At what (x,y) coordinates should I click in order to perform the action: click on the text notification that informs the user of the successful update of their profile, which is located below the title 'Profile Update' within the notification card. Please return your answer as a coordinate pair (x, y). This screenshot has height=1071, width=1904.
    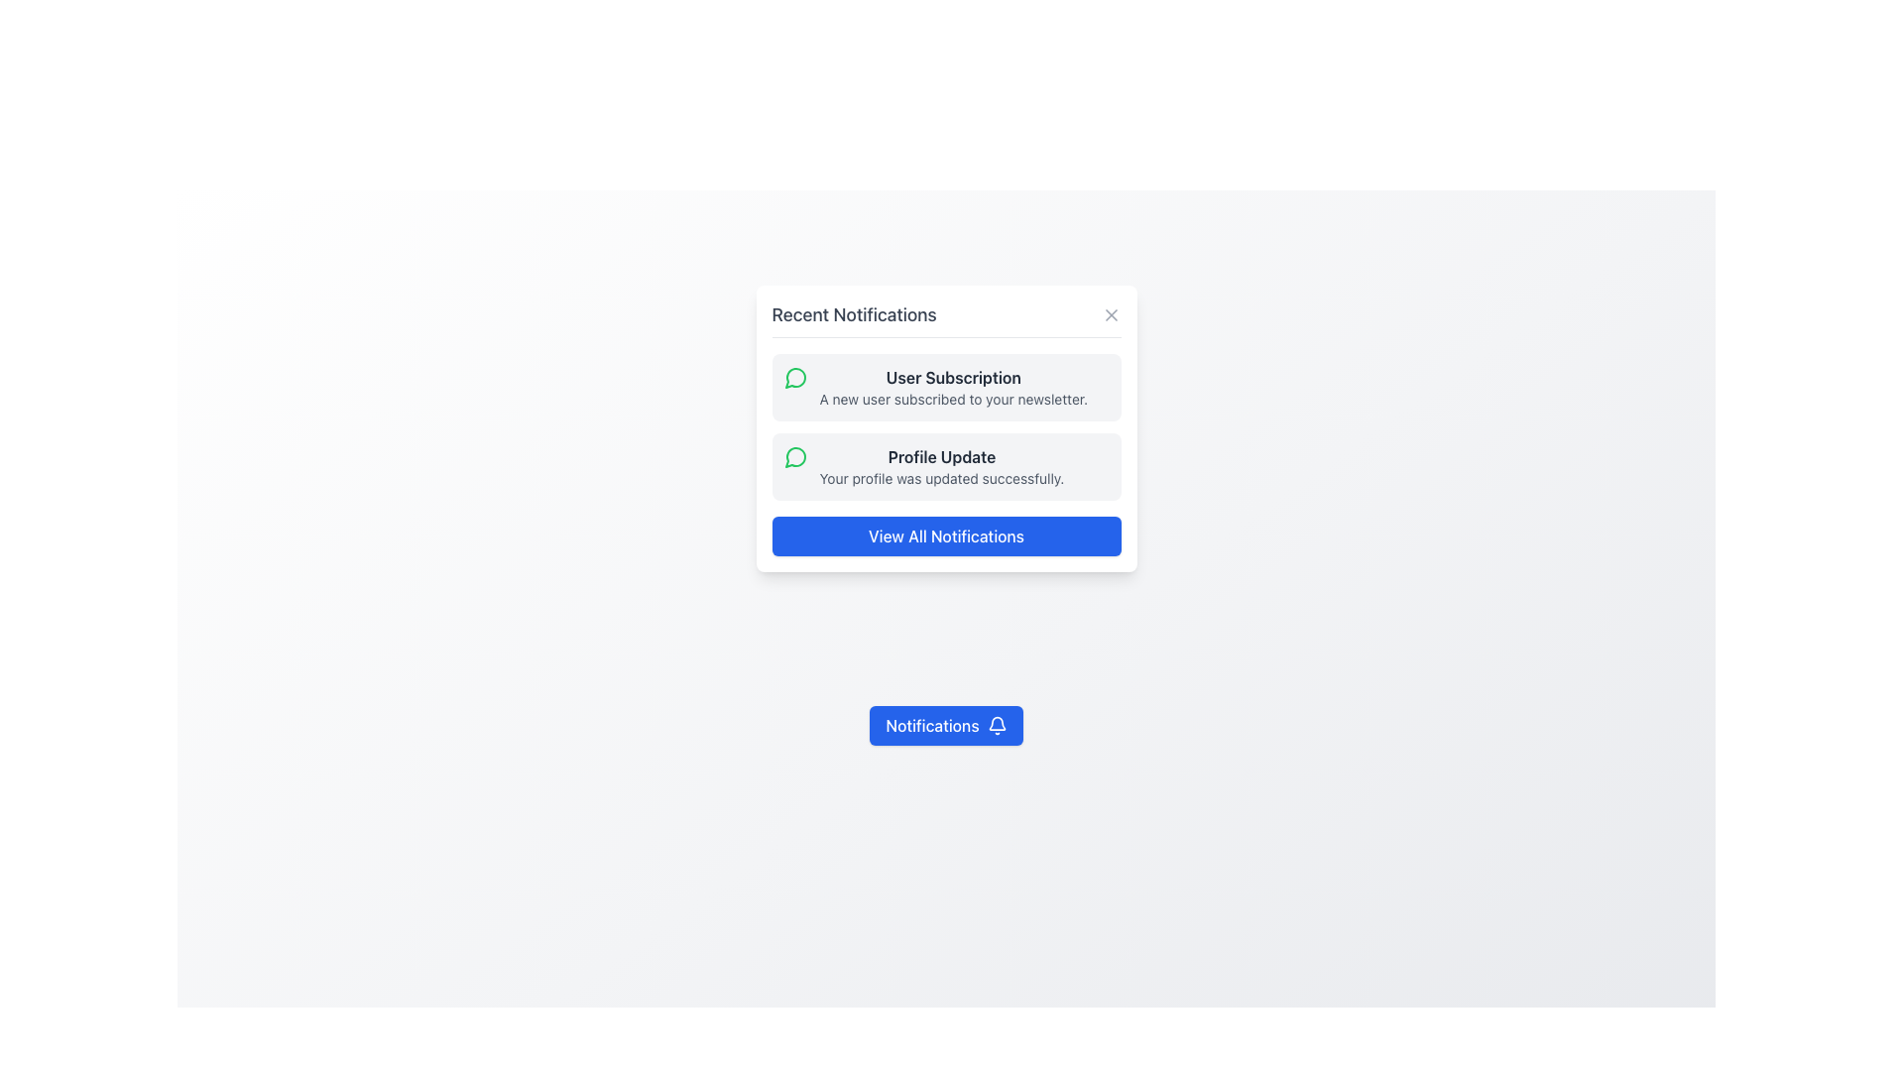
    Looking at the image, I should click on (941, 478).